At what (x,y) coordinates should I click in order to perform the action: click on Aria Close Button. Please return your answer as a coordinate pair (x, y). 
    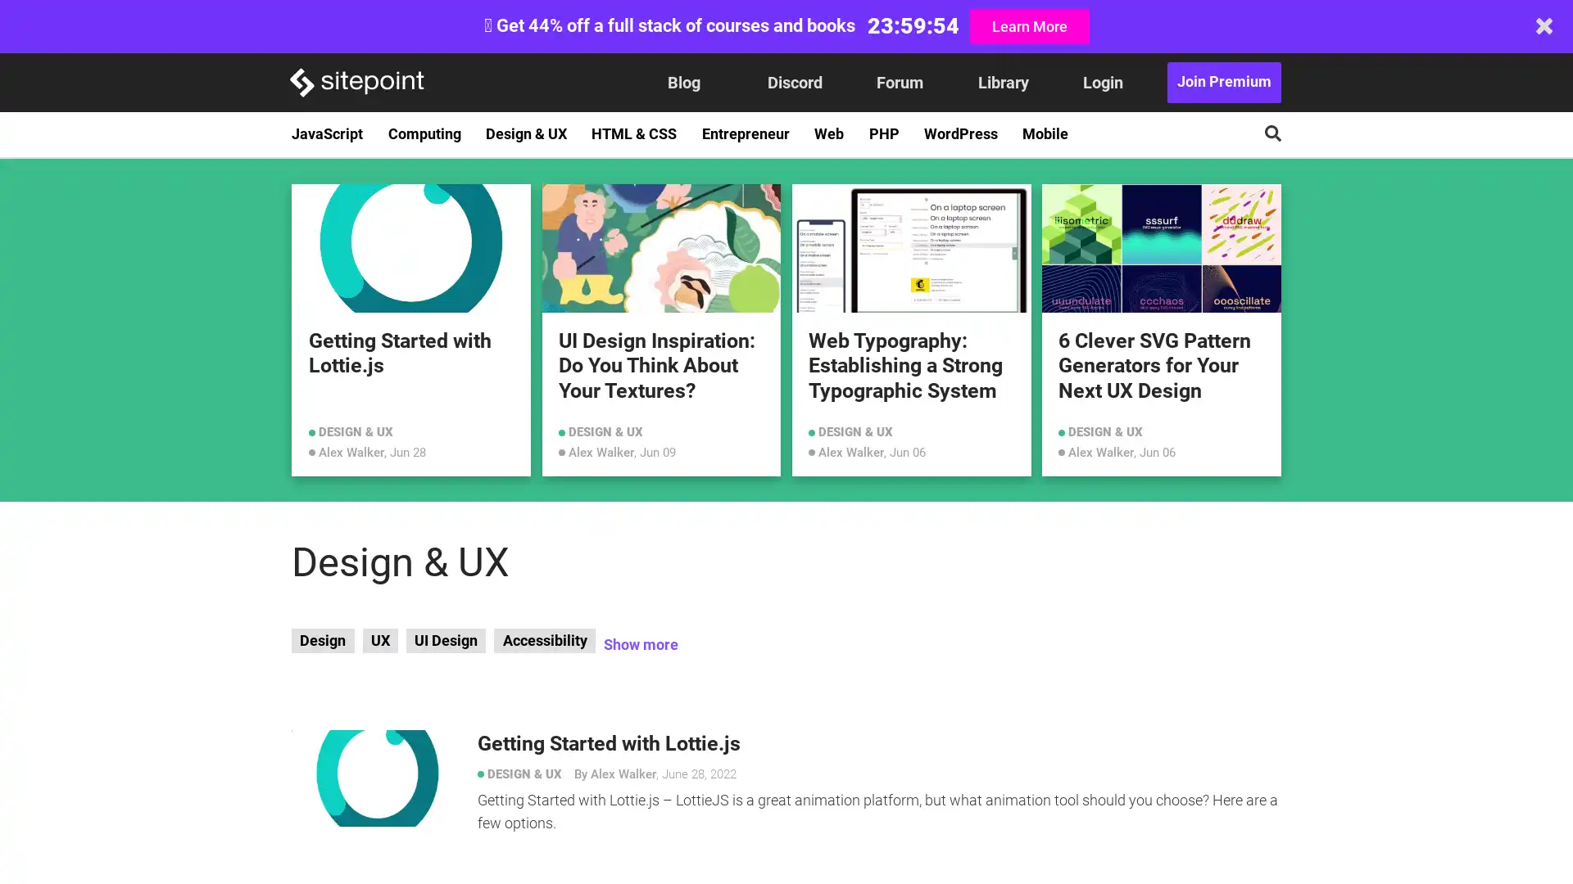
    Looking at the image, I should click on (1544, 25).